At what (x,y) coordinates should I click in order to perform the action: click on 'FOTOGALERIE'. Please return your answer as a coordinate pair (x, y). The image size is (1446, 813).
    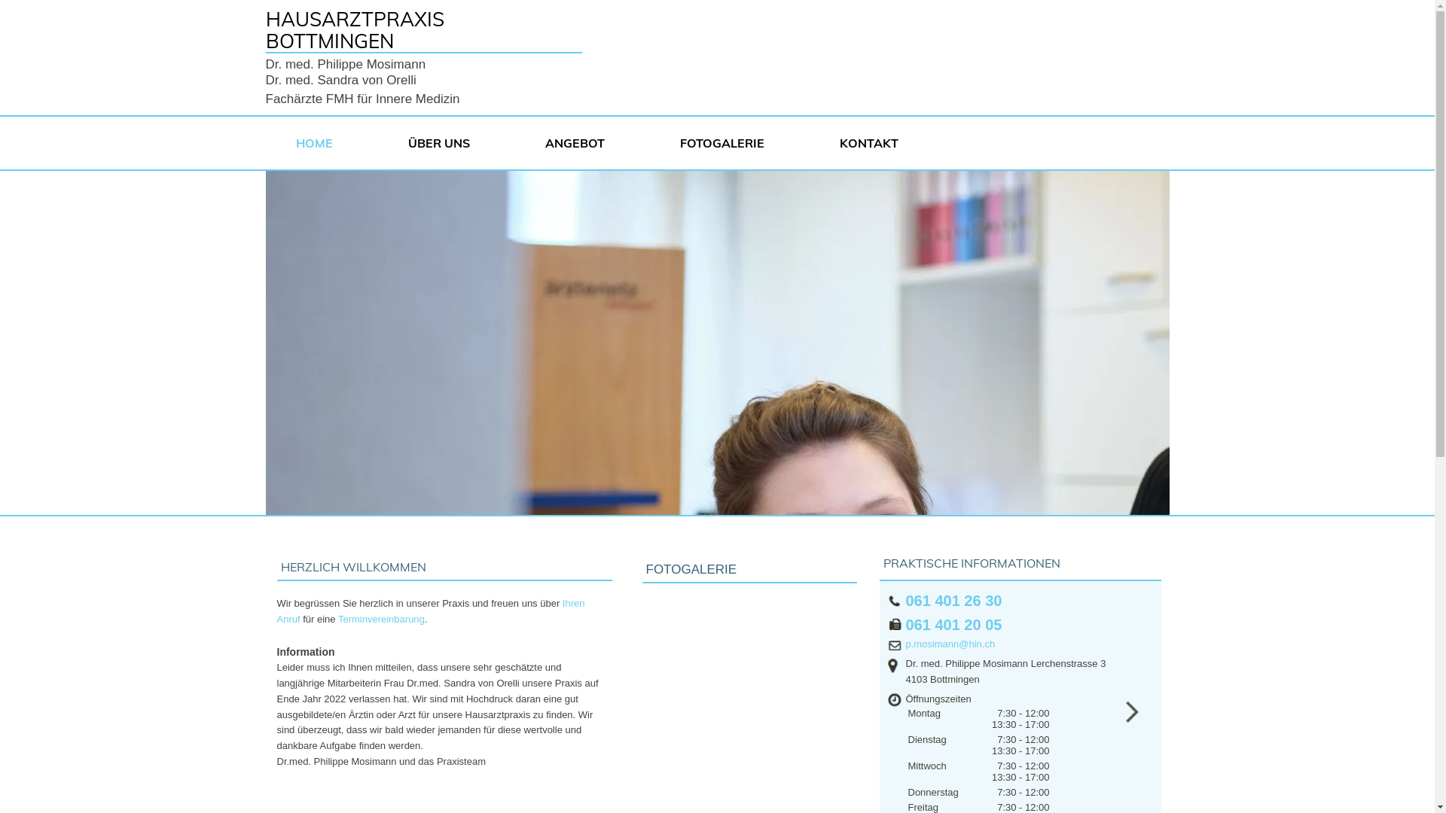
    Looking at the image, I should click on (649, 142).